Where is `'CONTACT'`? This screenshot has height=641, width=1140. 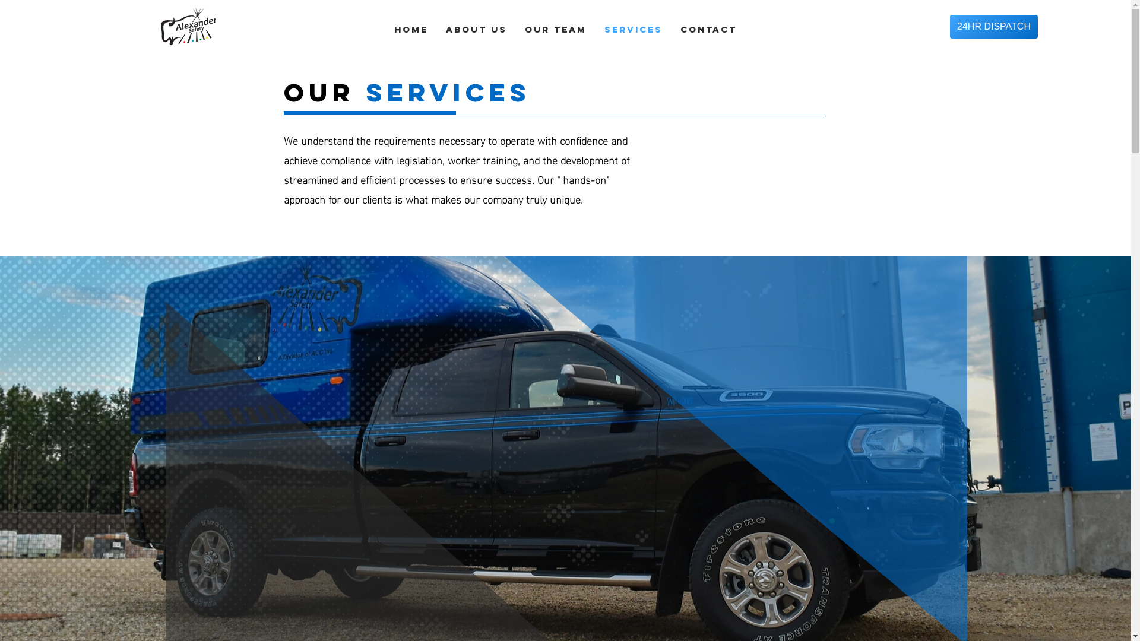
'CONTACT' is located at coordinates (708, 29).